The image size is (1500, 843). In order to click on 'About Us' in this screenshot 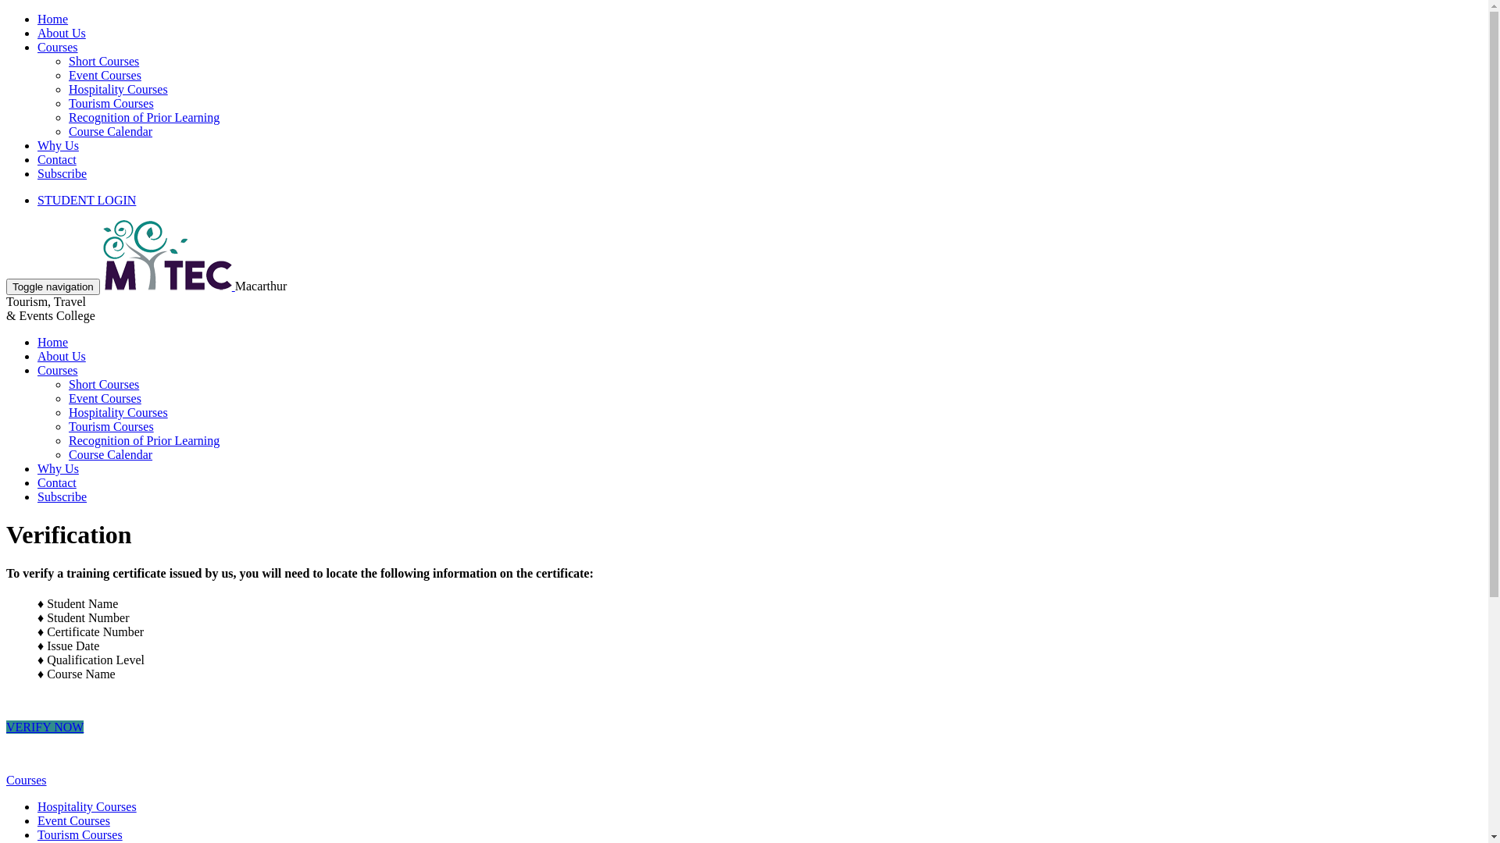, I will do `click(61, 33)`.